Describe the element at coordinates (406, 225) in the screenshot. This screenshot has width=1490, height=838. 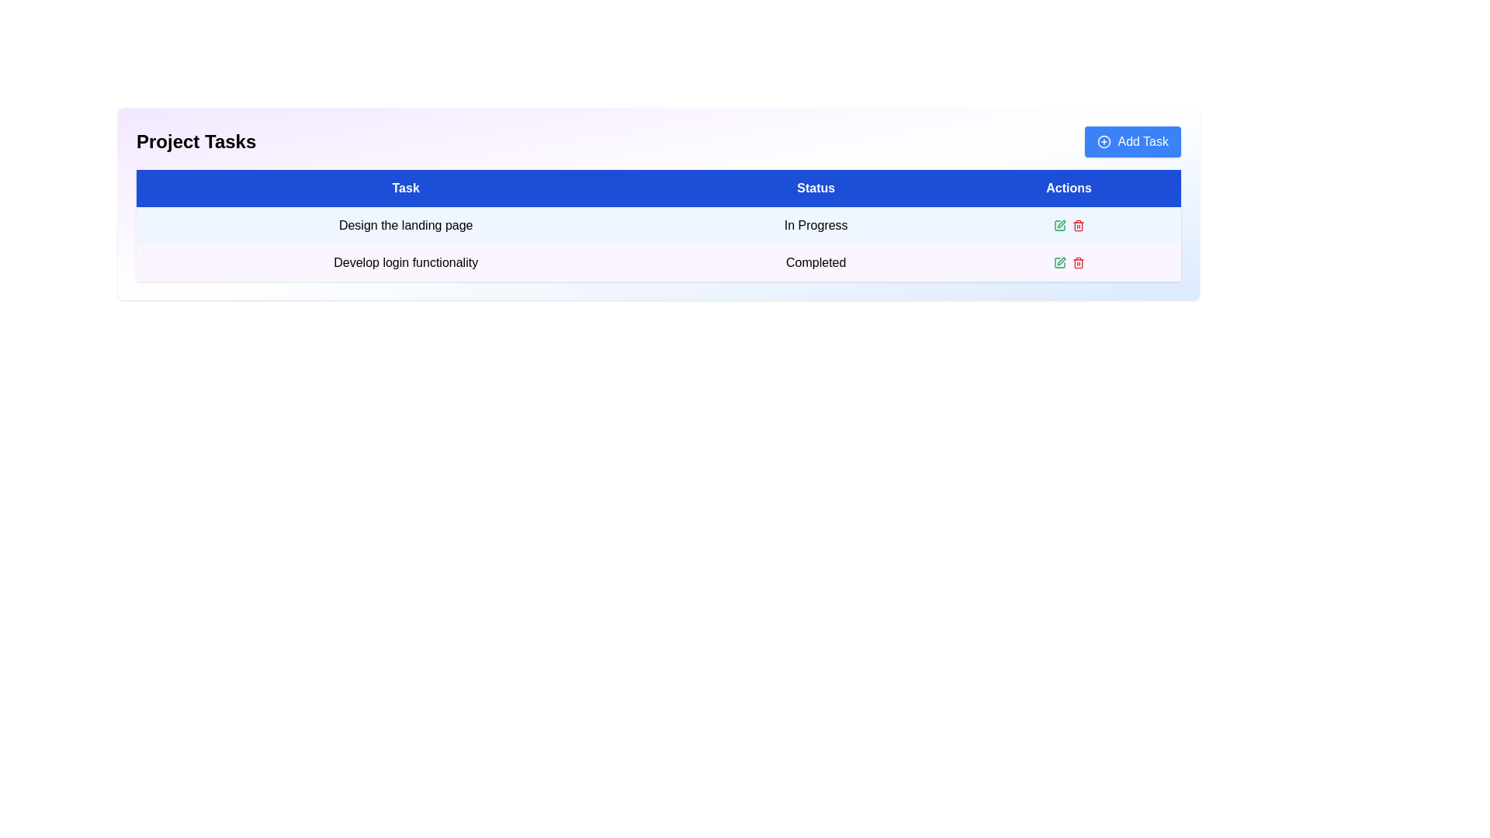
I see `the text label representing the task title in the first cell of the first row under the 'Task' column in the 'Project Tasks' table` at that location.